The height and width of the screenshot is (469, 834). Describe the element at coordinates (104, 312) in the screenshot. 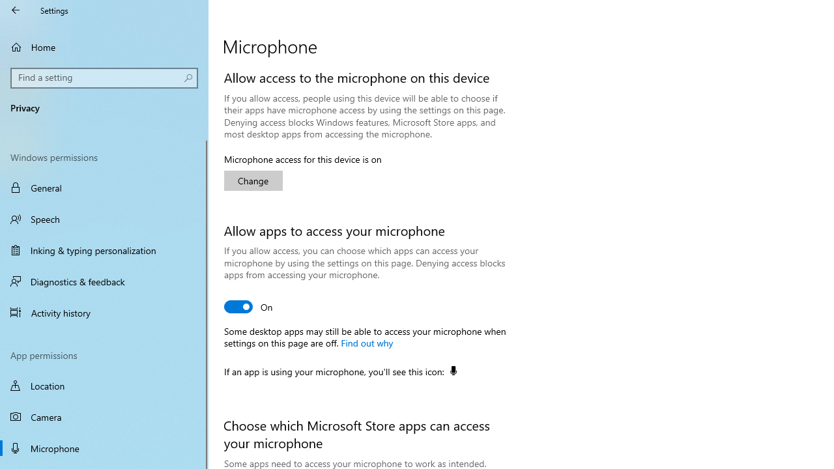

I see `'Activity history'` at that location.